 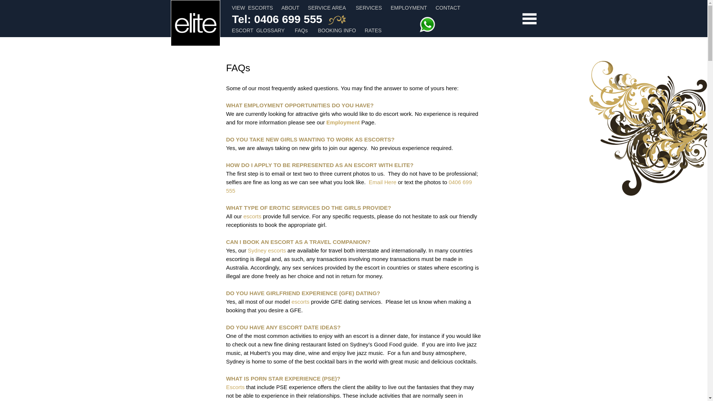 I want to click on 'SERVICE AREA', so click(x=308, y=7).